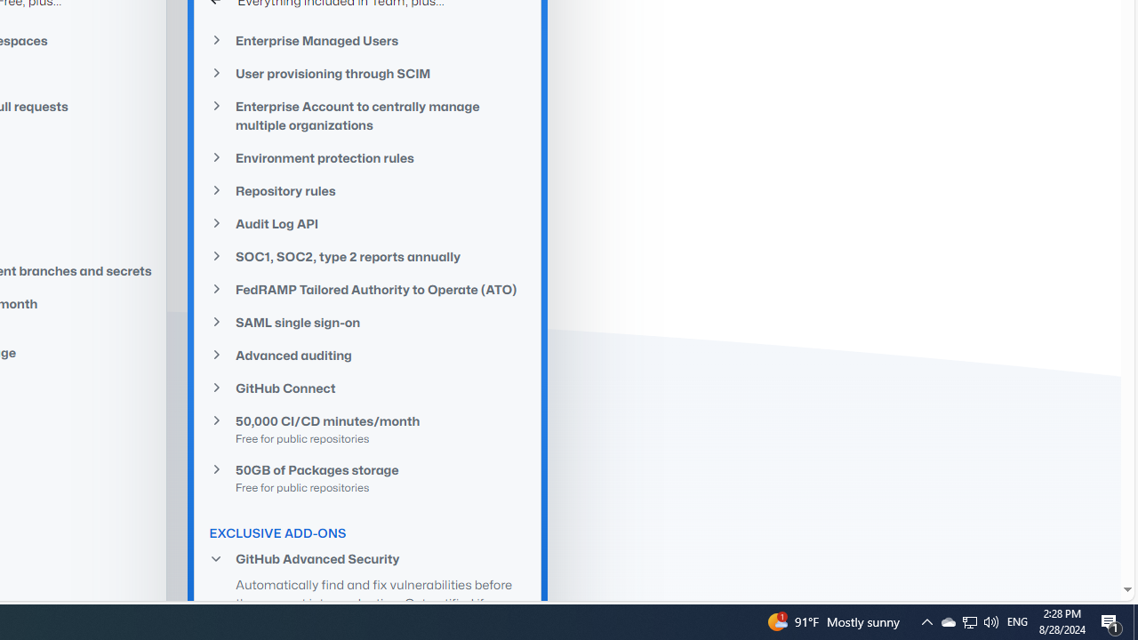 The width and height of the screenshot is (1138, 640). What do you see at coordinates (367, 256) in the screenshot?
I see `'SOC1, SOC2, type 2 reports annually'` at bounding box center [367, 256].